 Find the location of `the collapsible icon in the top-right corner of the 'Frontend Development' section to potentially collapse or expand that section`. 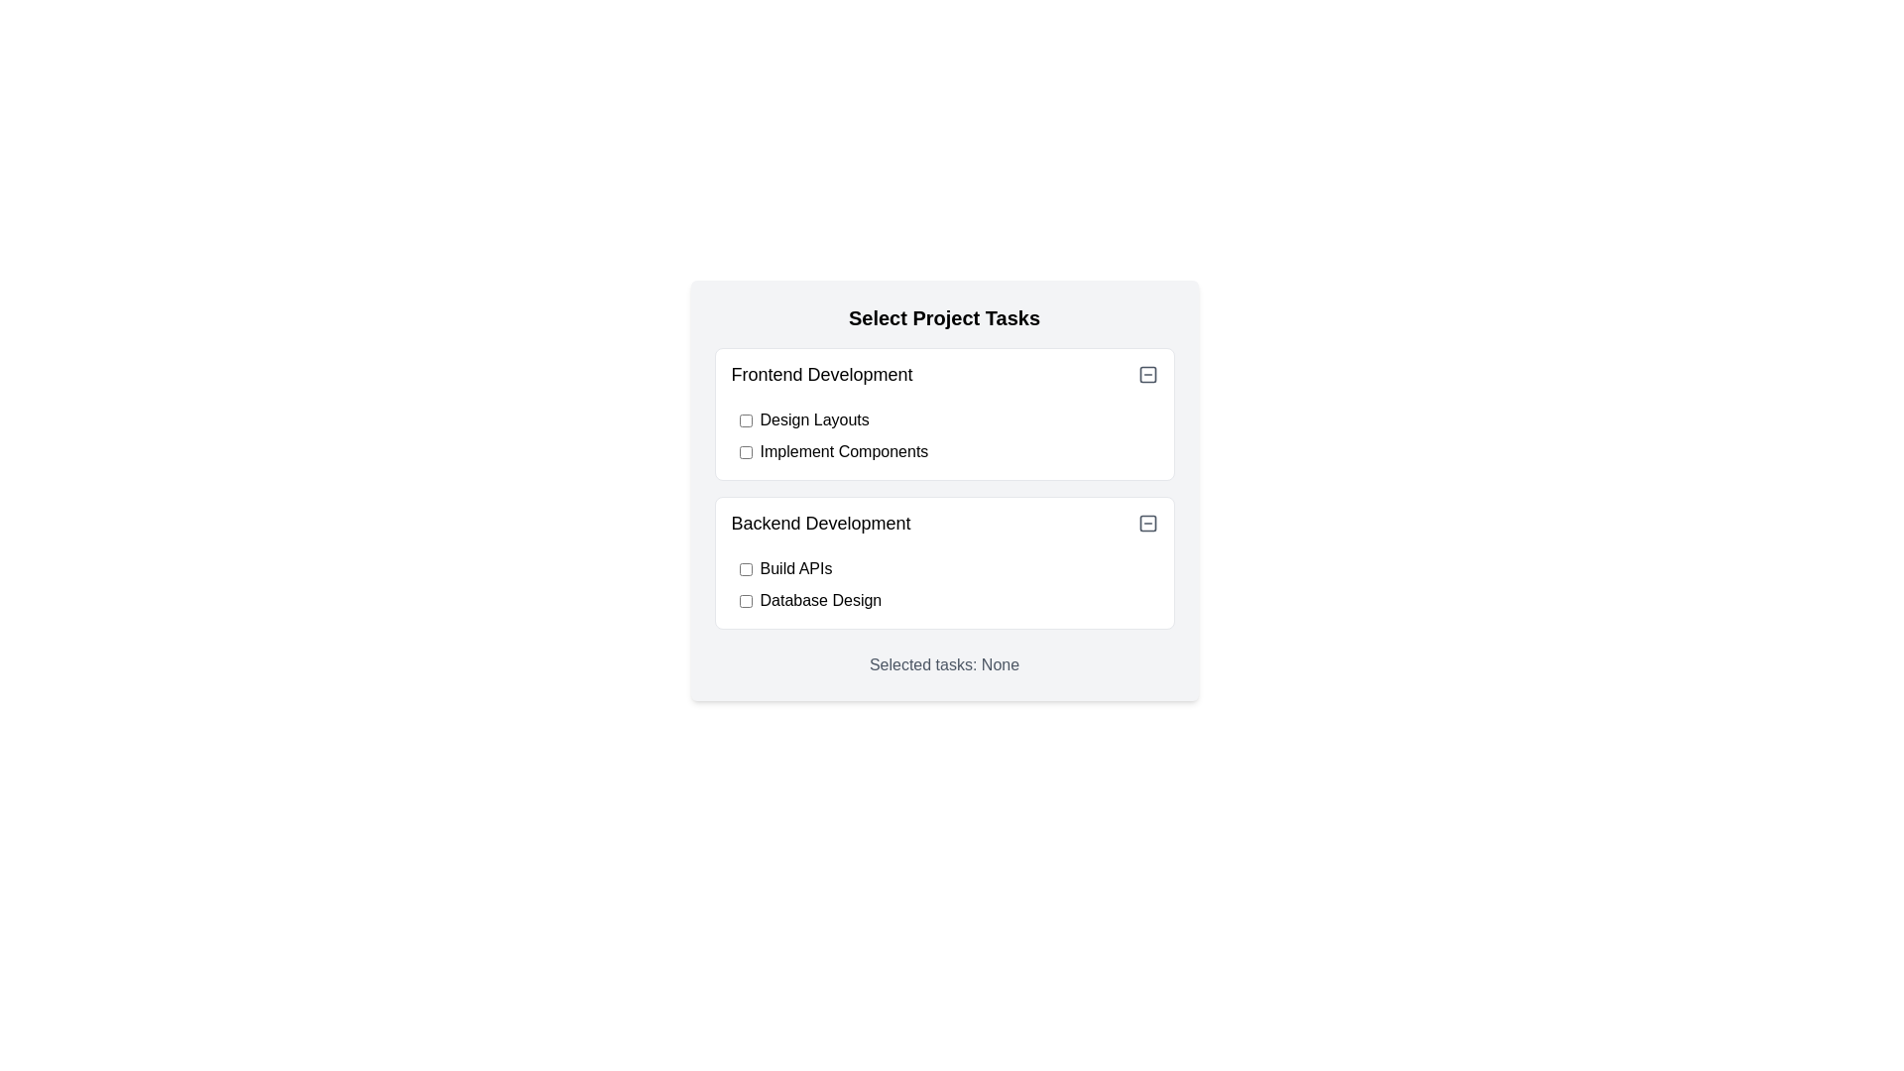

the collapsible icon in the top-right corner of the 'Frontend Development' section to potentially collapse or expand that section is located at coordinates (1147, 375).